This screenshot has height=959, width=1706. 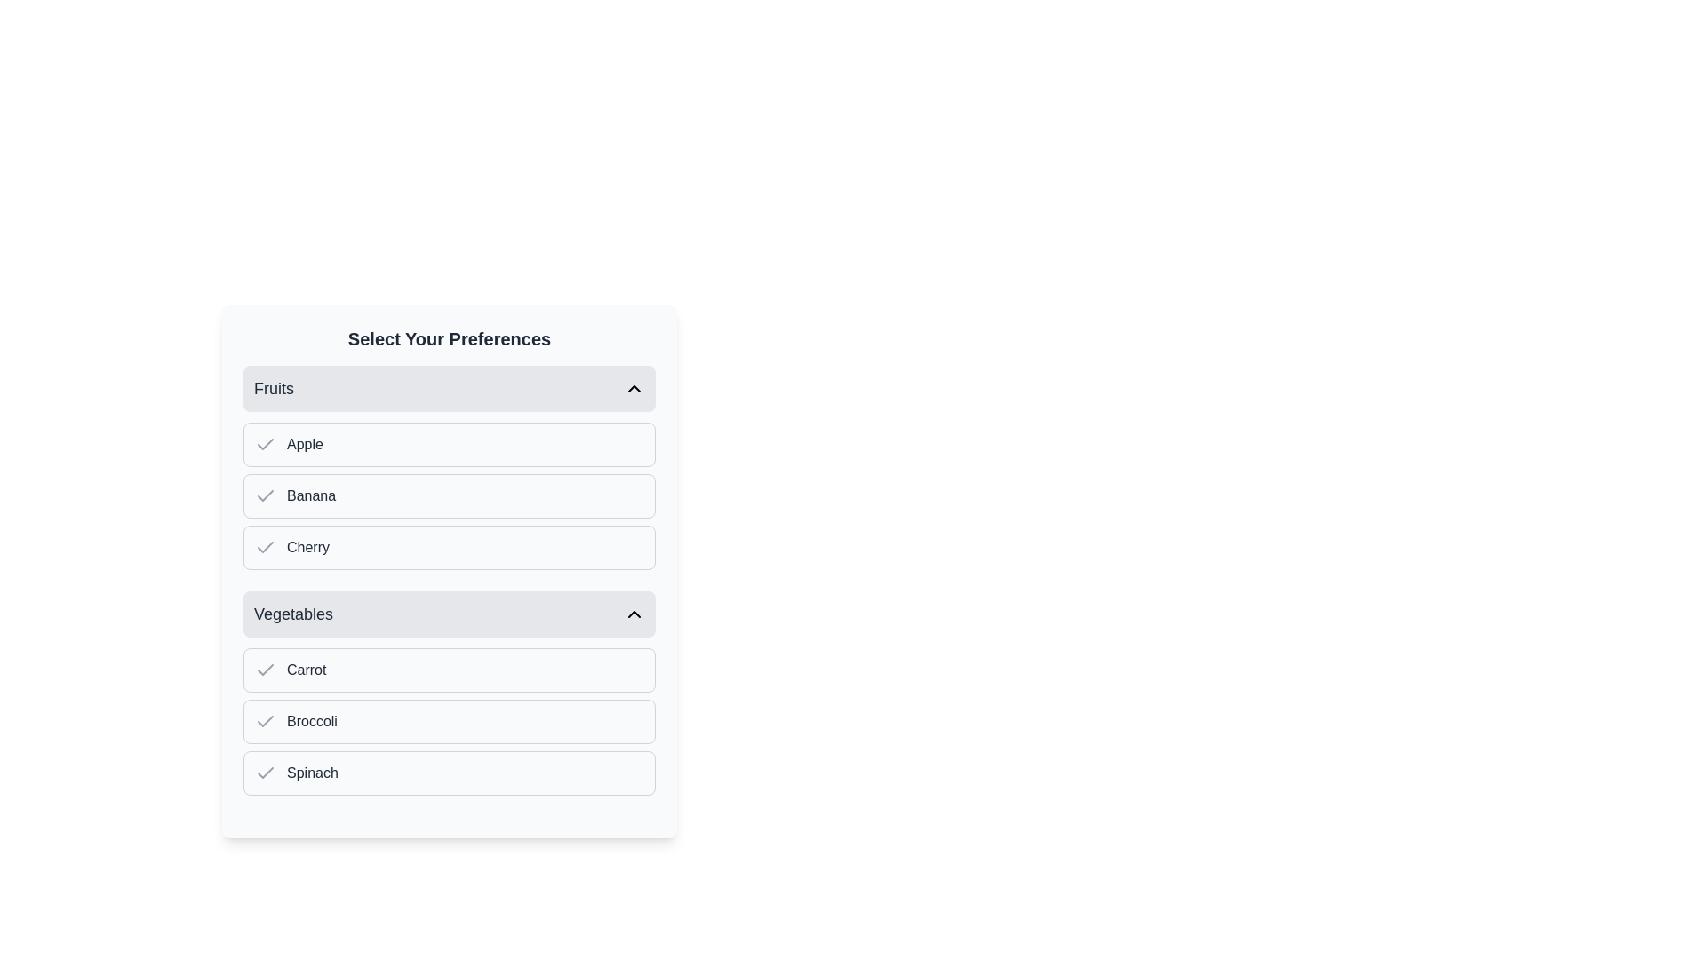 I want to click on the checkmark icon, which is a minimalist SVG vector graphic styled as a checkmark, located above the 'Broccoli' text in the 'Vegetables' category, so click(x=264, y=721).